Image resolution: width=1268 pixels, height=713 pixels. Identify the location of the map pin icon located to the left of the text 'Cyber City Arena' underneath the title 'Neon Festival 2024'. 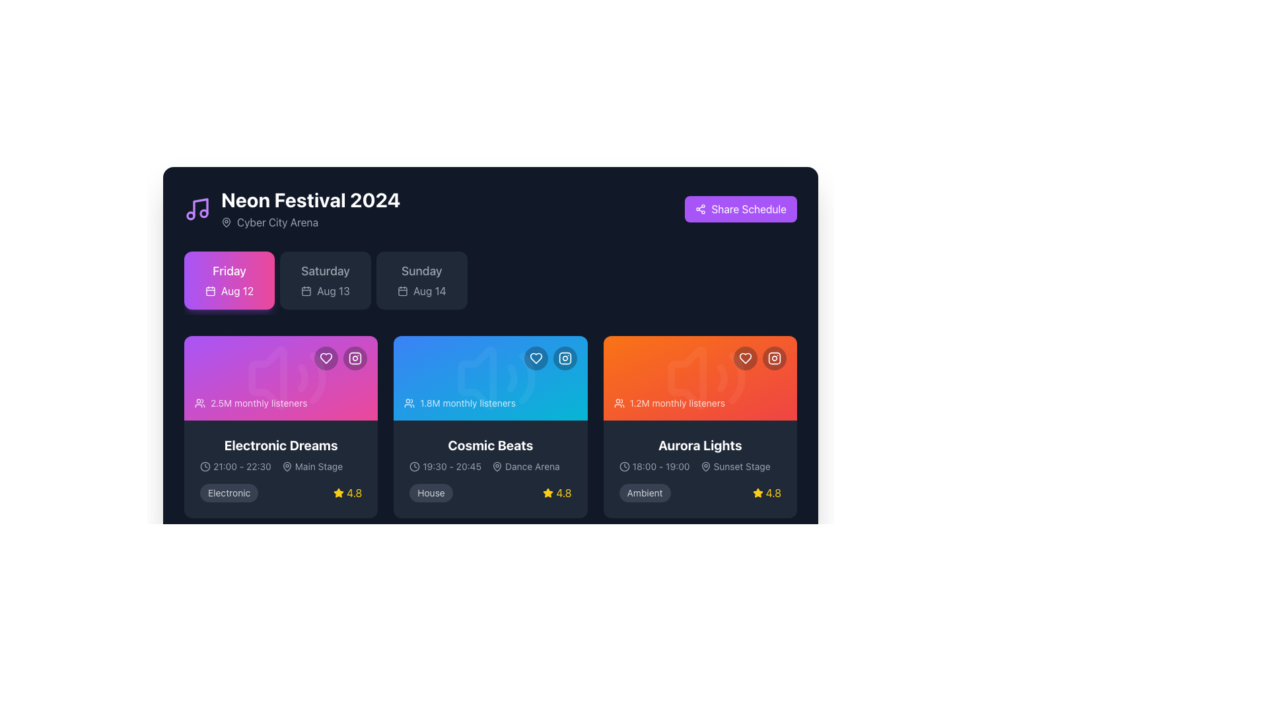
(226, 221).